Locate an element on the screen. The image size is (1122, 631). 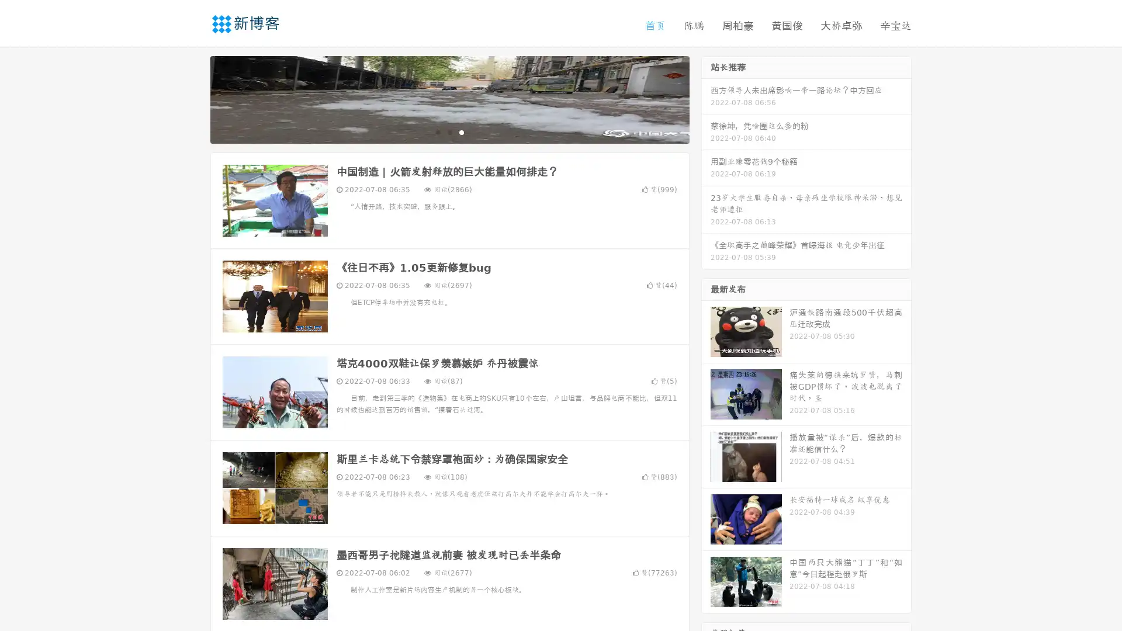
Previous slide is located at coordinates (193, 98).